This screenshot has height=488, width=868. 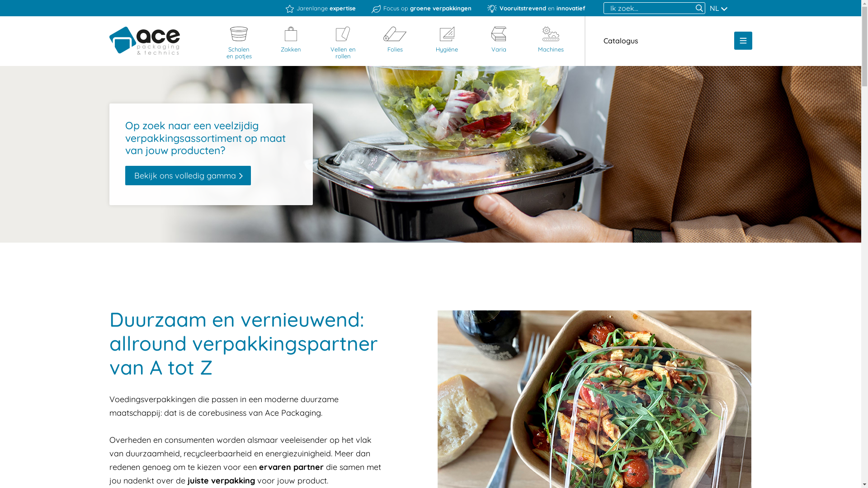 What do you see at coordinates (239, 43) in the screenshot?
I see `'Schalen` at bounding box center [239, 43].